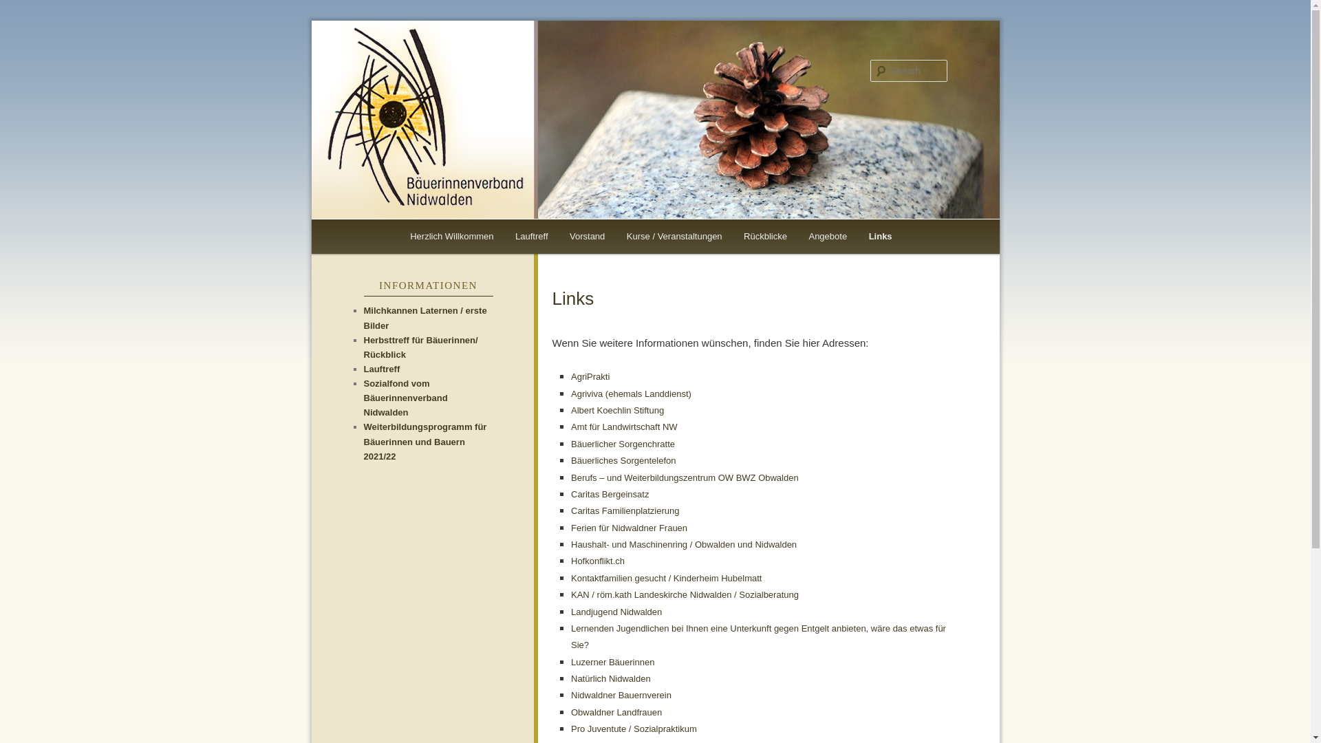  What do you see at coordinates (624, 510) in the screenshot?
I see `'Caritas Familienplatzierung'` at bounding box center [624, 510].